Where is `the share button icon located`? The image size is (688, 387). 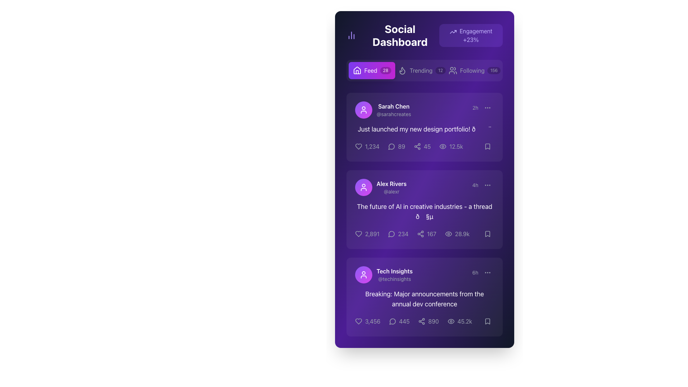 the share button icon located is located at coordinates (420, 234).